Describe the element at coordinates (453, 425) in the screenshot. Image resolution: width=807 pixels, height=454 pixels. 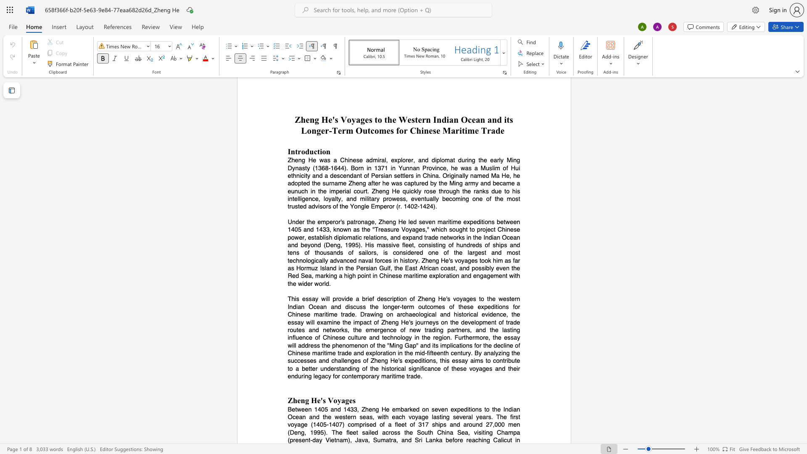
I see `the subset text "nd around 27,000 men (Deng, 1995). The fleet sailed across the South China Sea, visiting Champa (present-day Vietnam" within the text "of a fleet of 317 ships and around 27,000 men (Deng, 1995). The fleet sailed across the South China Sea, visiting Champa (present-day Vietnam), Java, Sumatra, and Sri Lanka before reaching"` at that location.